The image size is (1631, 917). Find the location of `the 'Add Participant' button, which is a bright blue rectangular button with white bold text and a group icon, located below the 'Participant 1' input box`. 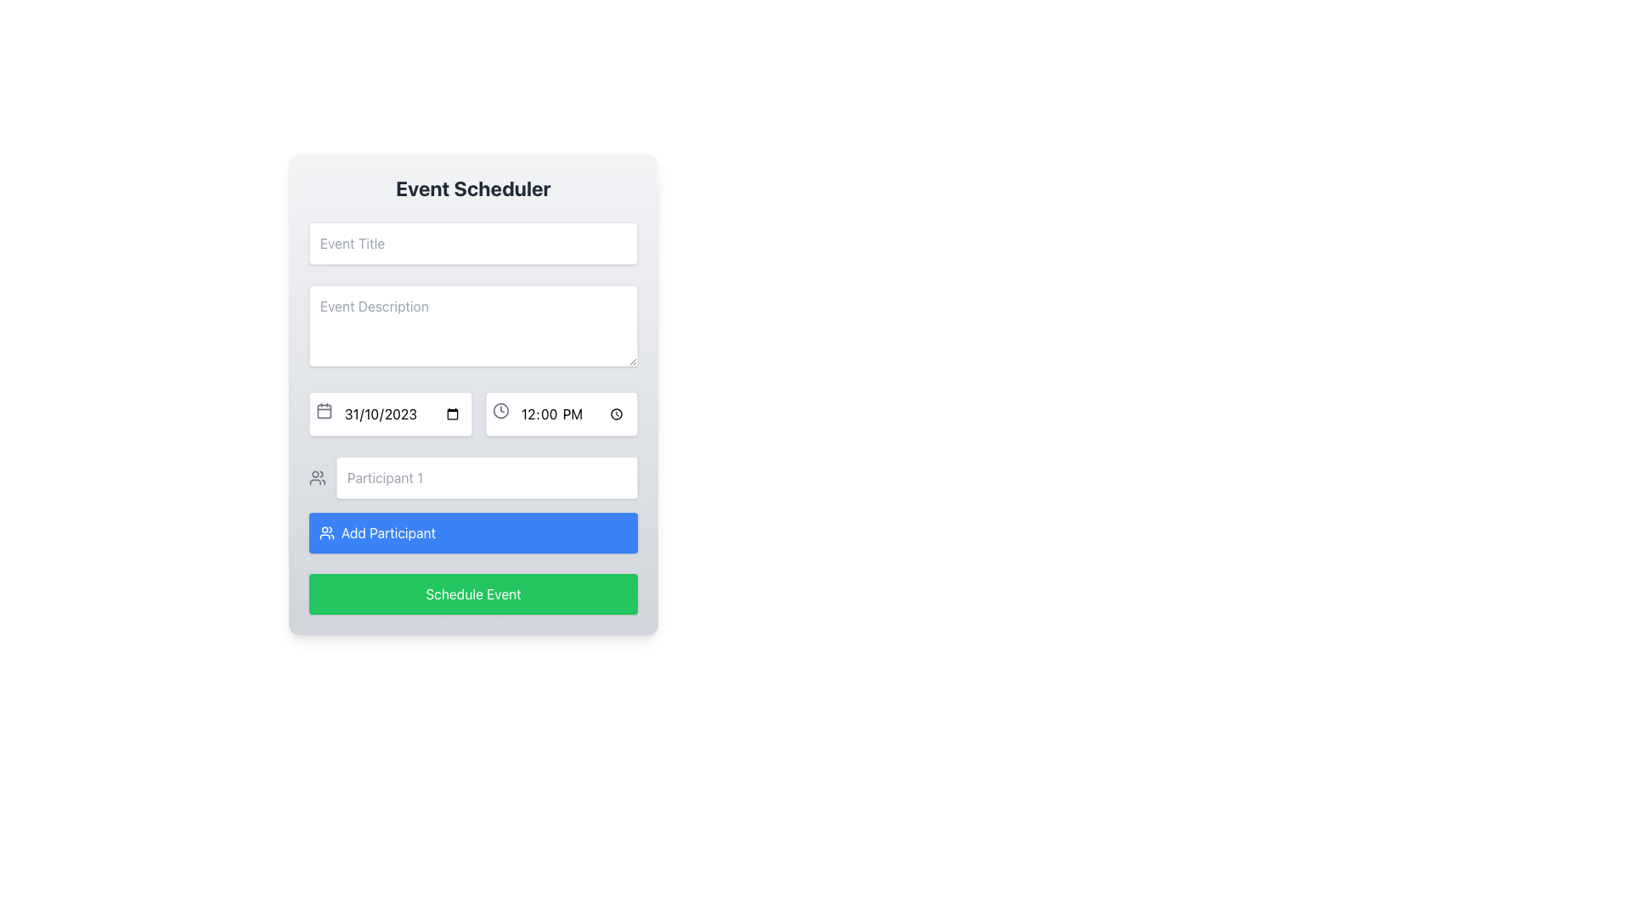

the 'Add Participant' button, which is a bright blue rectangular button with white bold text and a group icon, located below the 'Participant 1' input box is located at coordinates (387, 532).